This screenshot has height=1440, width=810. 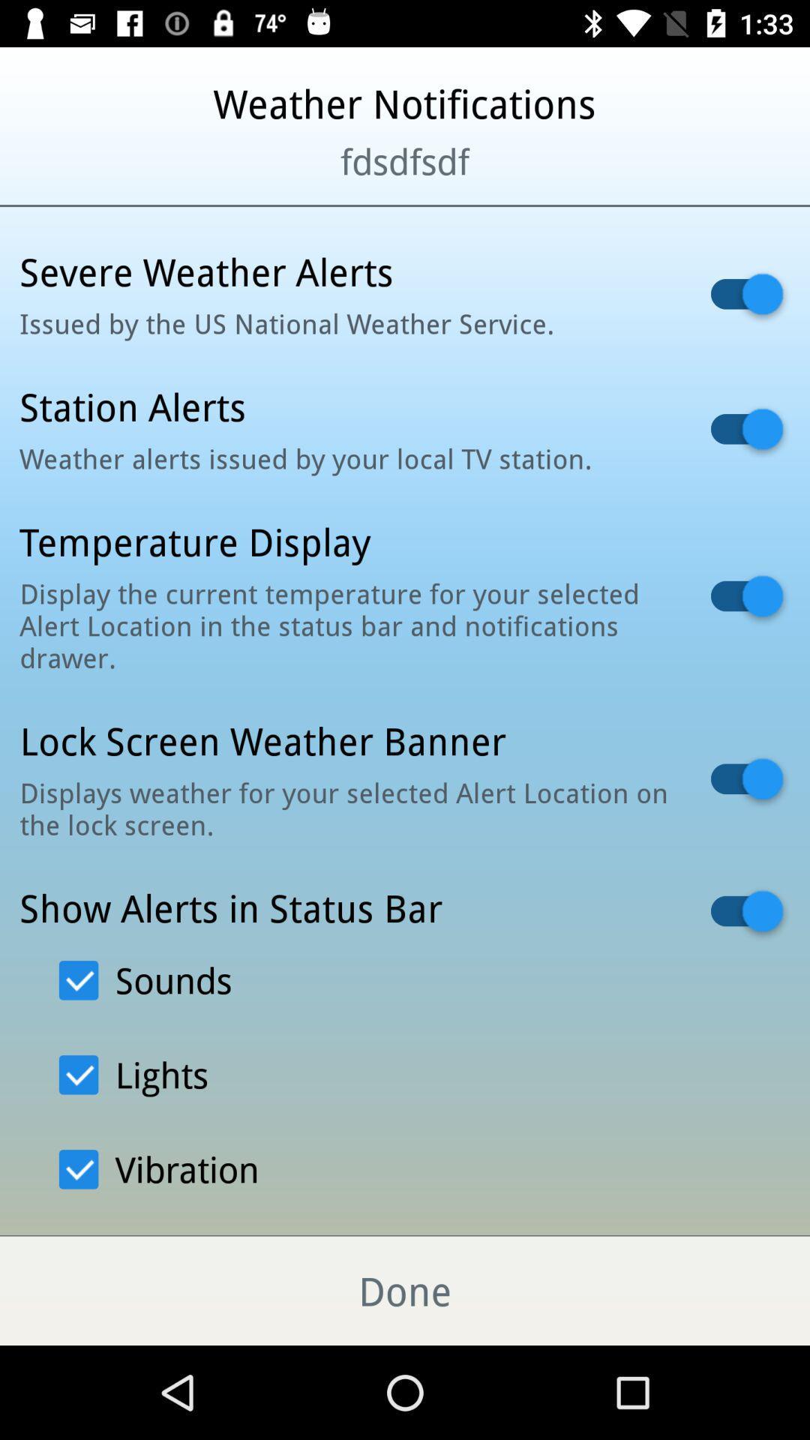 I want to click on displays weather for, so click(x=346, y=808).